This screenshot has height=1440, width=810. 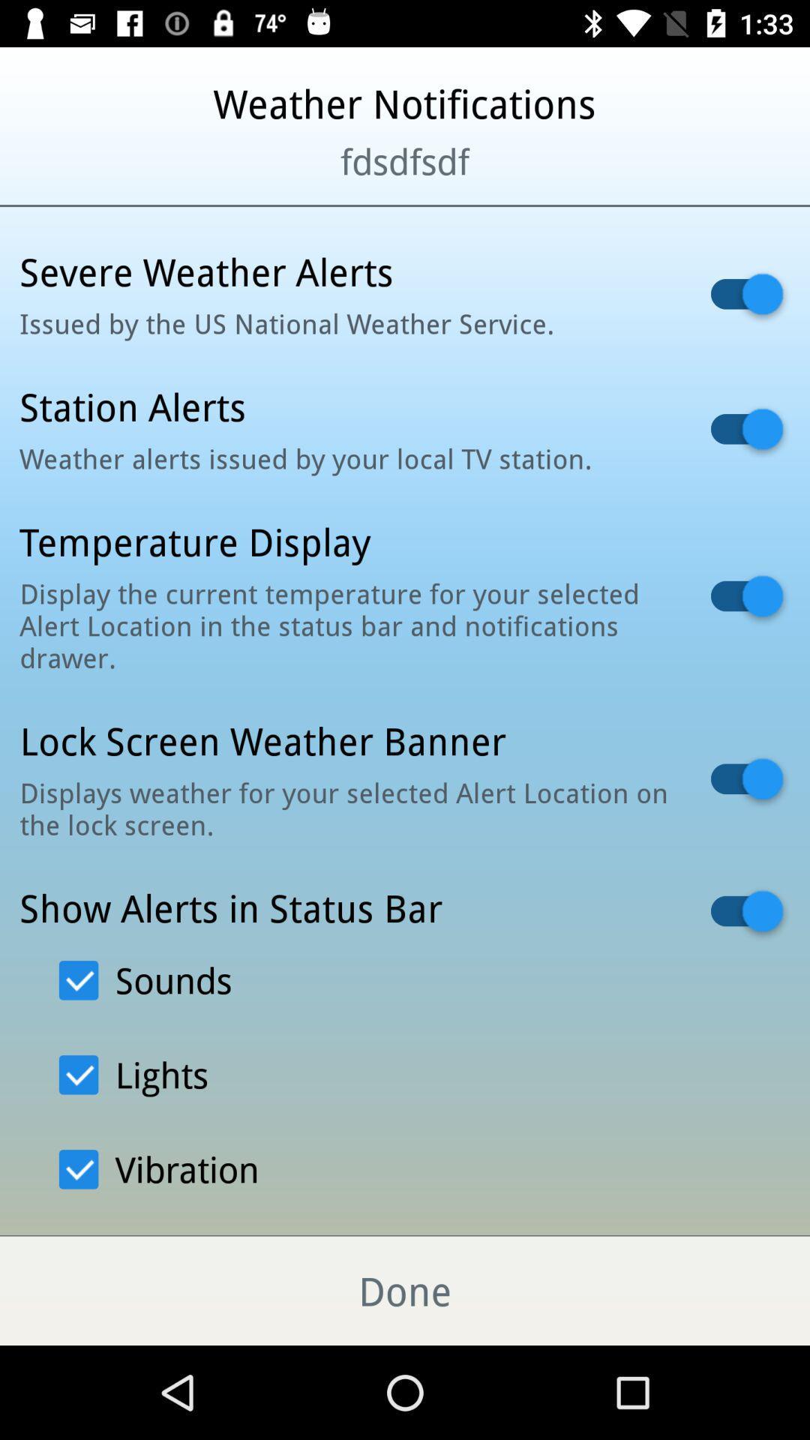 I want to click on displays weather for, so click(x=346, y=808).